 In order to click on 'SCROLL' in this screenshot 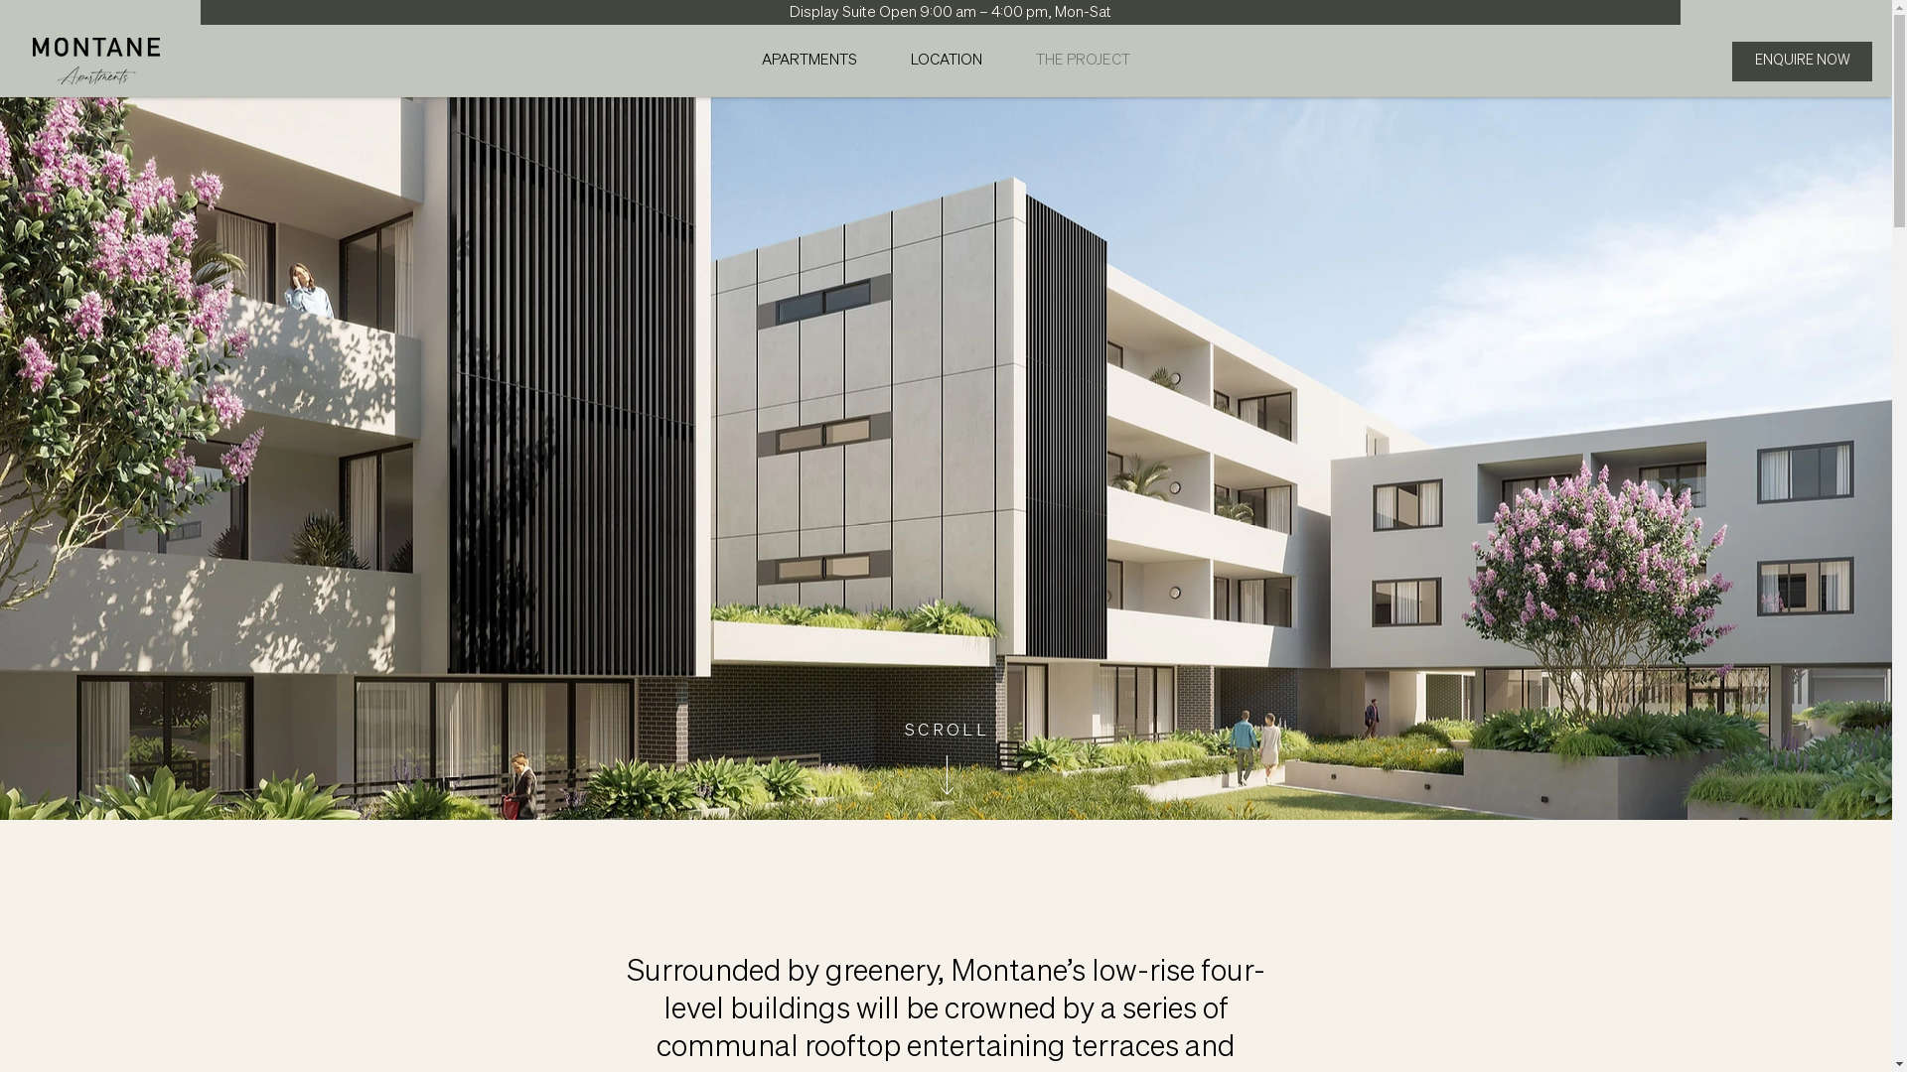, I will do `click(904, 729)`.